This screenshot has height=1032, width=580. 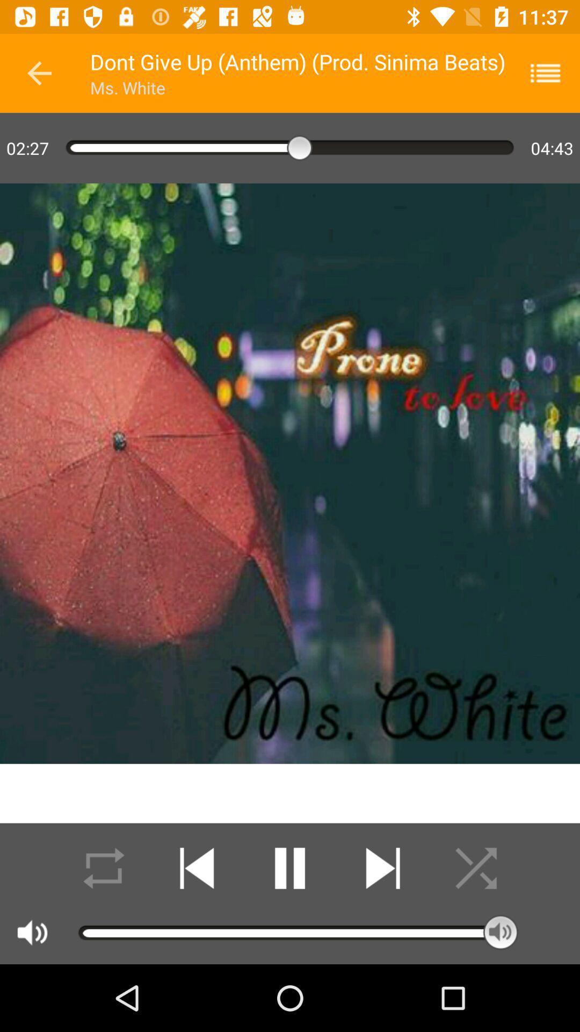 I want to click on previous song, so click(x=197, y=868).